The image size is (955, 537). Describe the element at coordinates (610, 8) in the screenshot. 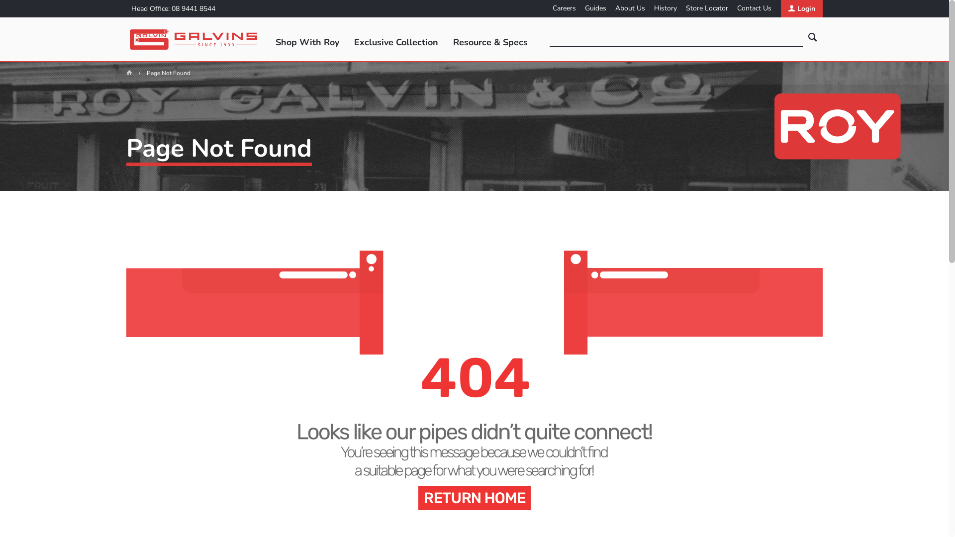

I see `'About Us'` at that location.